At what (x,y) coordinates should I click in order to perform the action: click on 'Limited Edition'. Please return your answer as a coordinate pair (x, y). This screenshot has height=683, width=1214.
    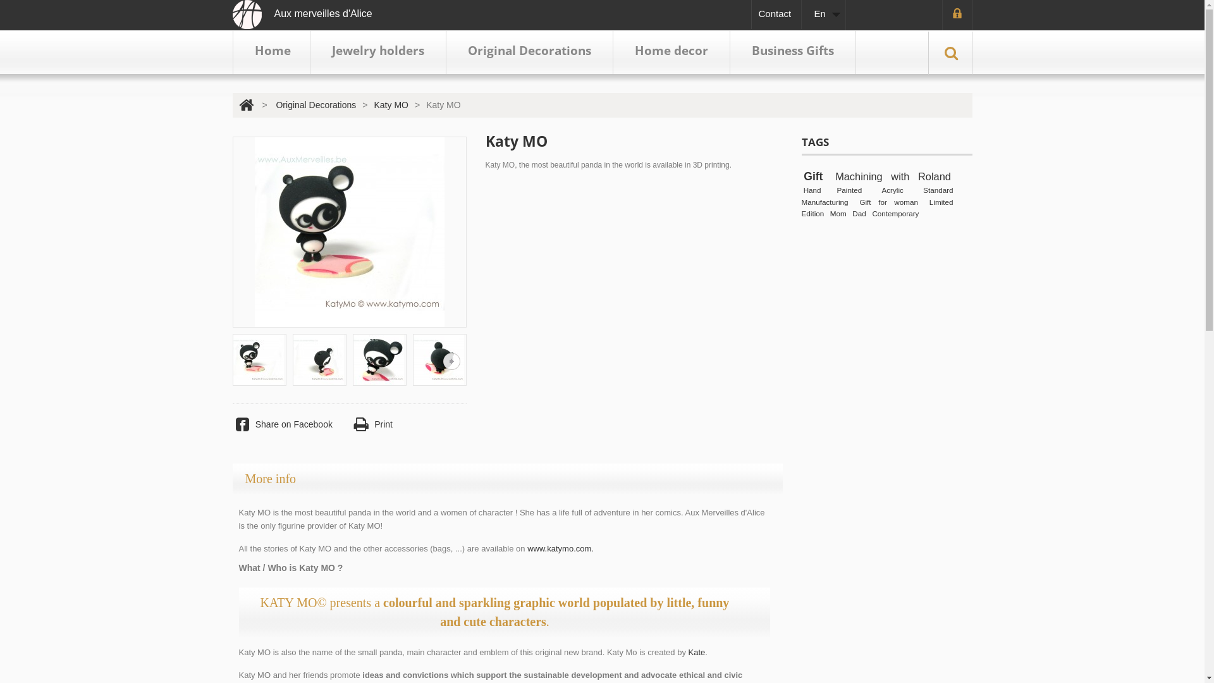
    Looking at the image, I should click on (800, 208).